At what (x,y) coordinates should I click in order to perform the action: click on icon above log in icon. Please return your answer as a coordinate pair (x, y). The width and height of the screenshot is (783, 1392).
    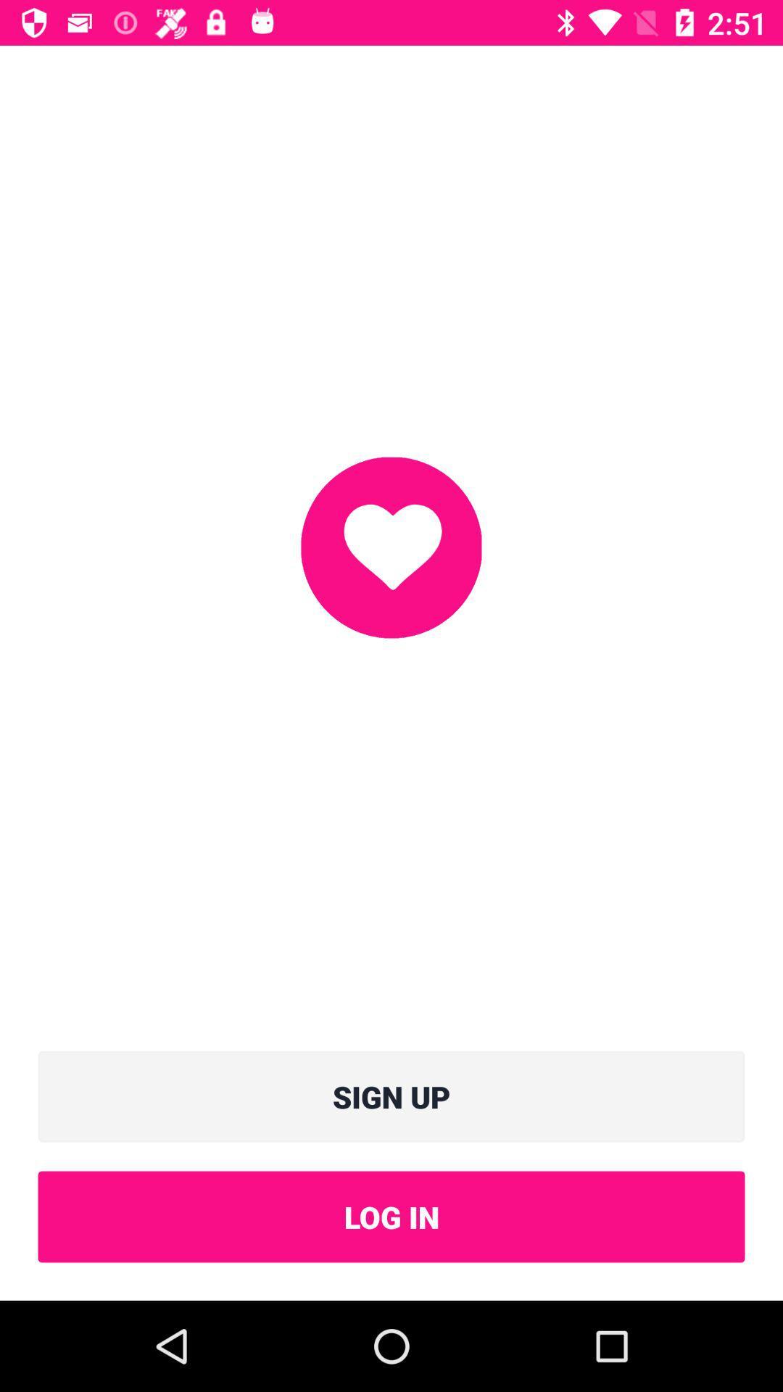
    Looking at the image, I should click on (391, 1096).